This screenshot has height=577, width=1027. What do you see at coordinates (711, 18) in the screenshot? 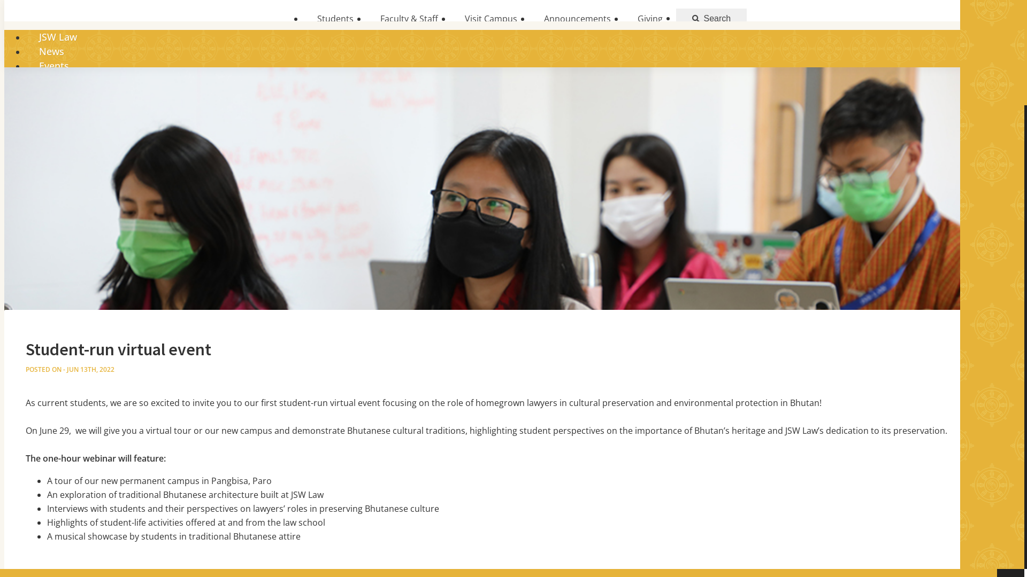
I see `'Search'` at bounding box center [711, 18].